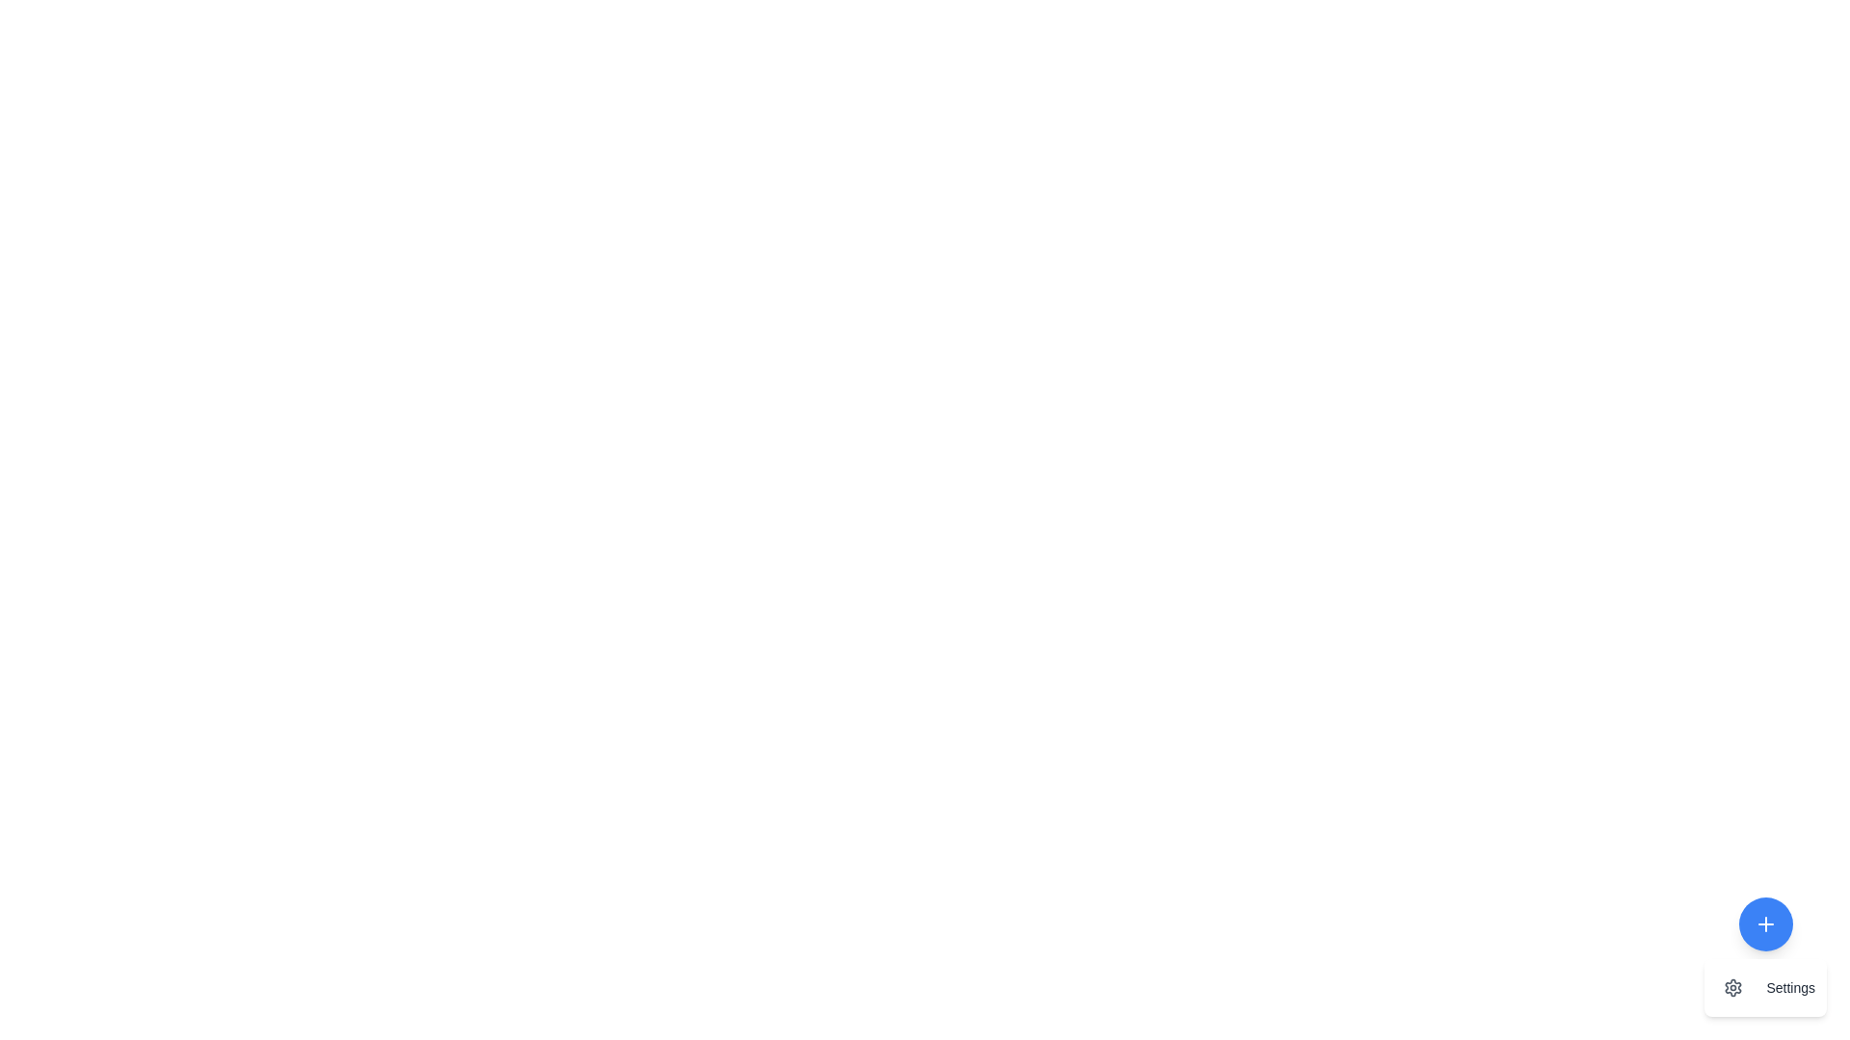  Describe the element at coordinates (1765, 988) in the screenshot. I see `the interactive label with an icon, resembling a button, located at the bottom-right corner of the interface` at that location.